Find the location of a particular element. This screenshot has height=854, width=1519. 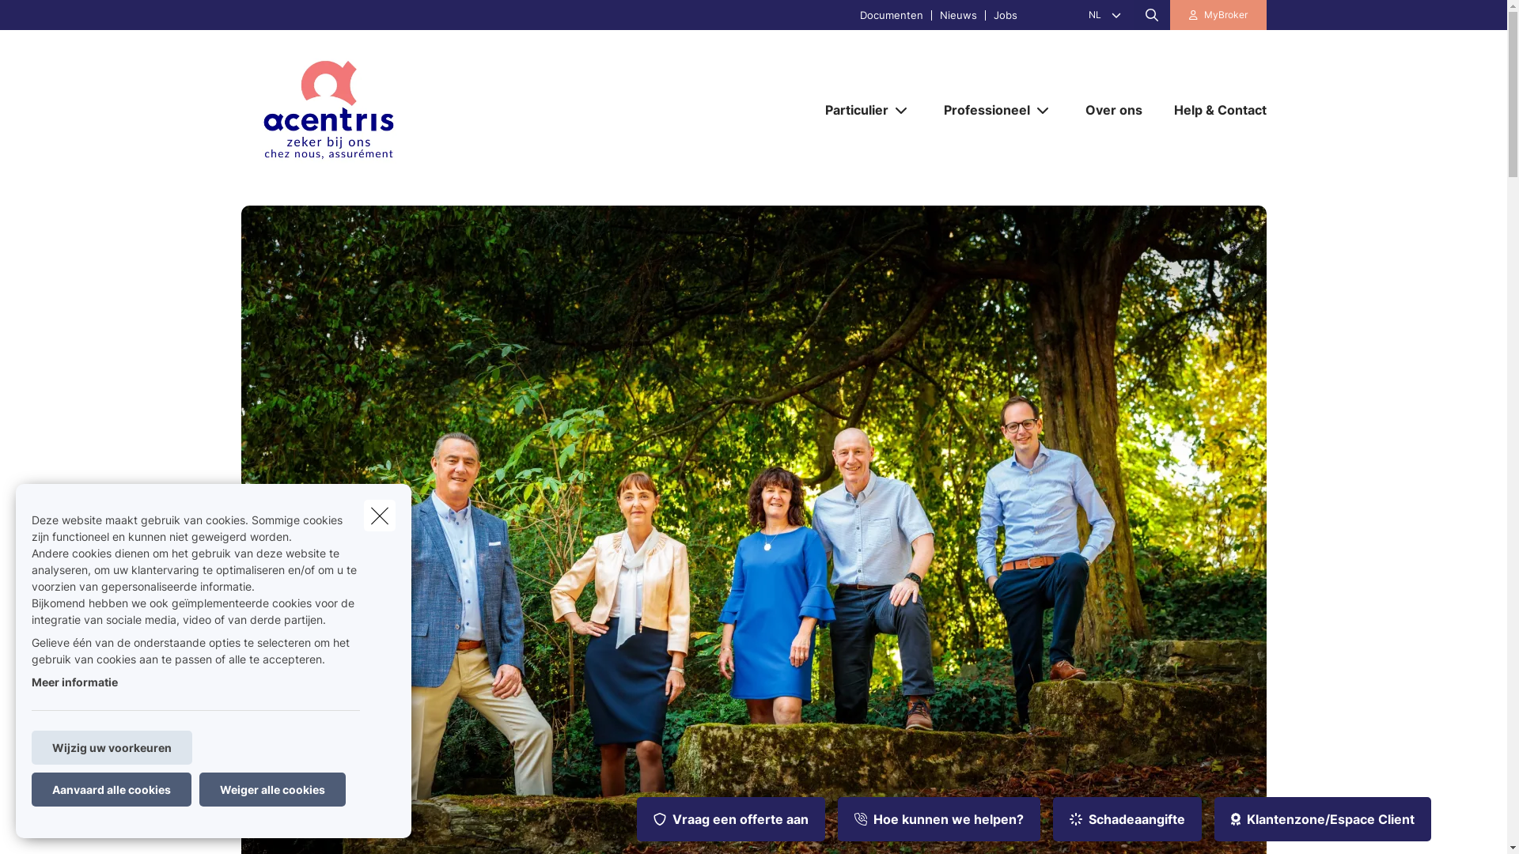

'Professioneel' is located at coordinates (979, 108).